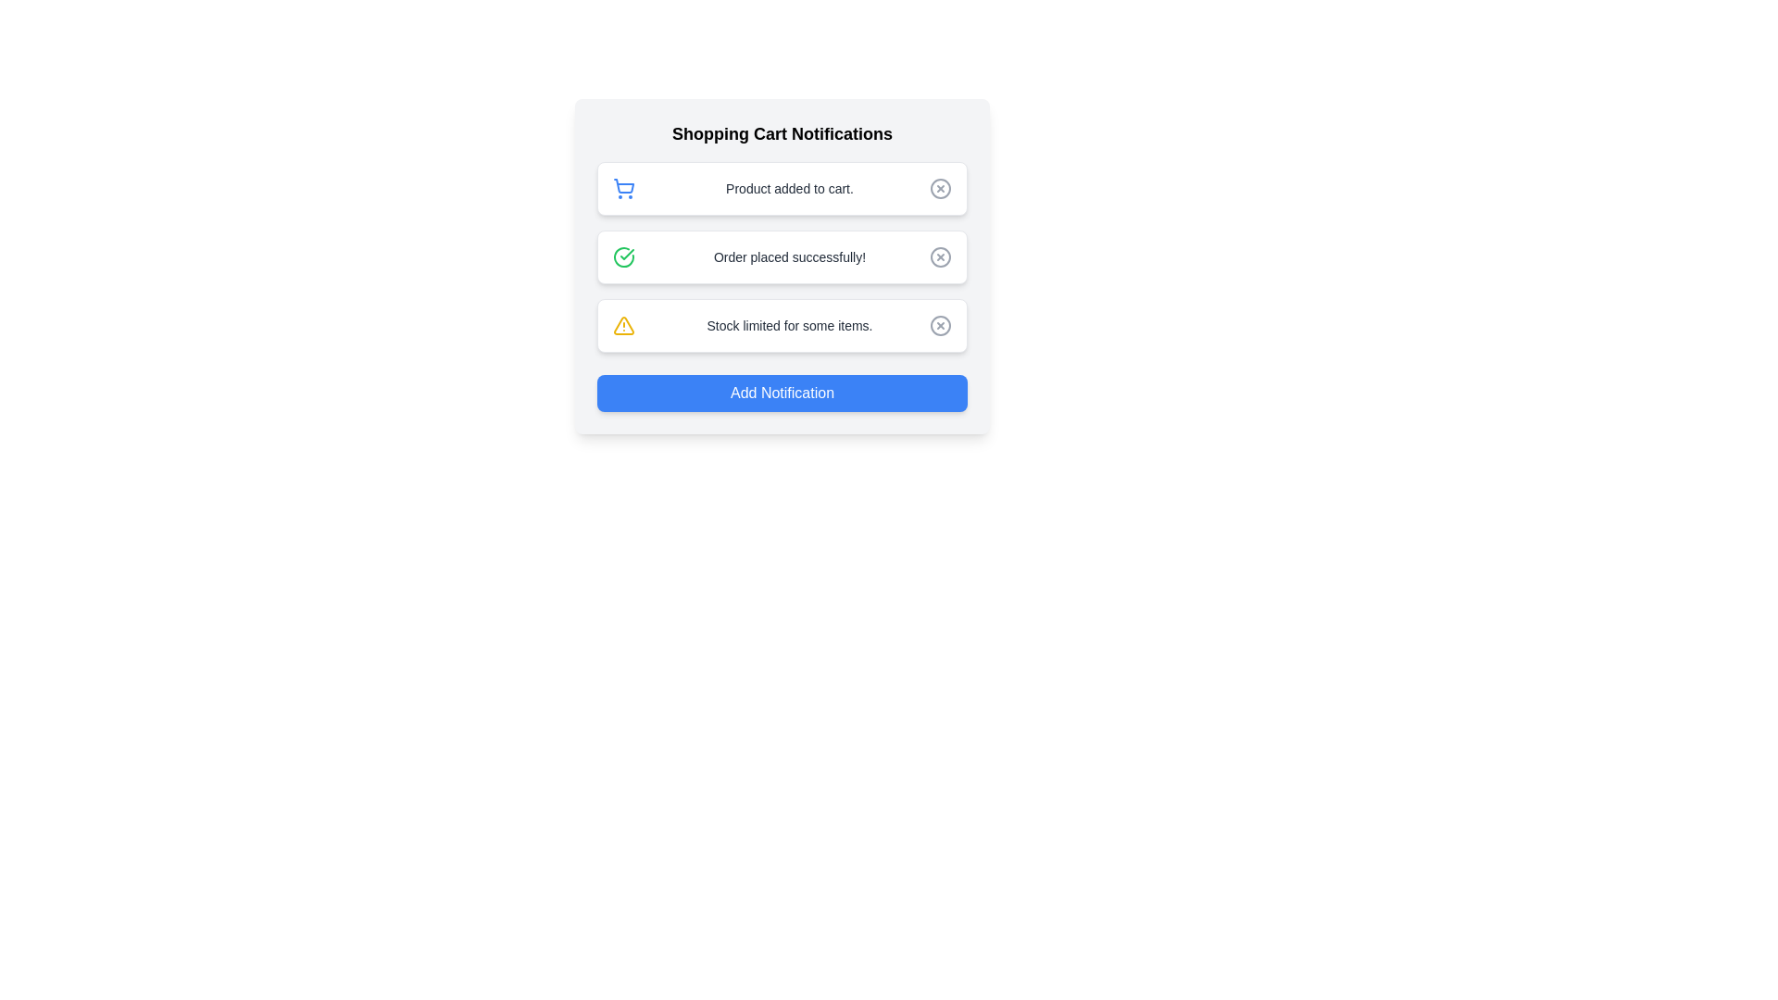 The width and height of the screenshot is (1778, 1000). I want to click on the text label that reads 'Order placed successfully!' located in the middle of the three notification cards within the 'Shopping Cart Notifications' panel, so click(790, 256).